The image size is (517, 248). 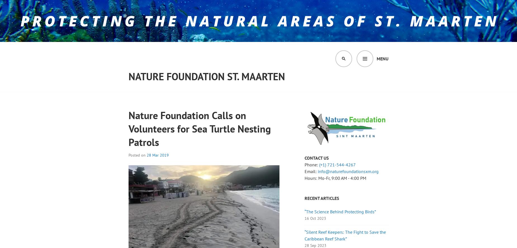 I want to click on 'Hours: Mo-Fr, 9:00 AM - 4:00 PM', so click(x=304, y=178).